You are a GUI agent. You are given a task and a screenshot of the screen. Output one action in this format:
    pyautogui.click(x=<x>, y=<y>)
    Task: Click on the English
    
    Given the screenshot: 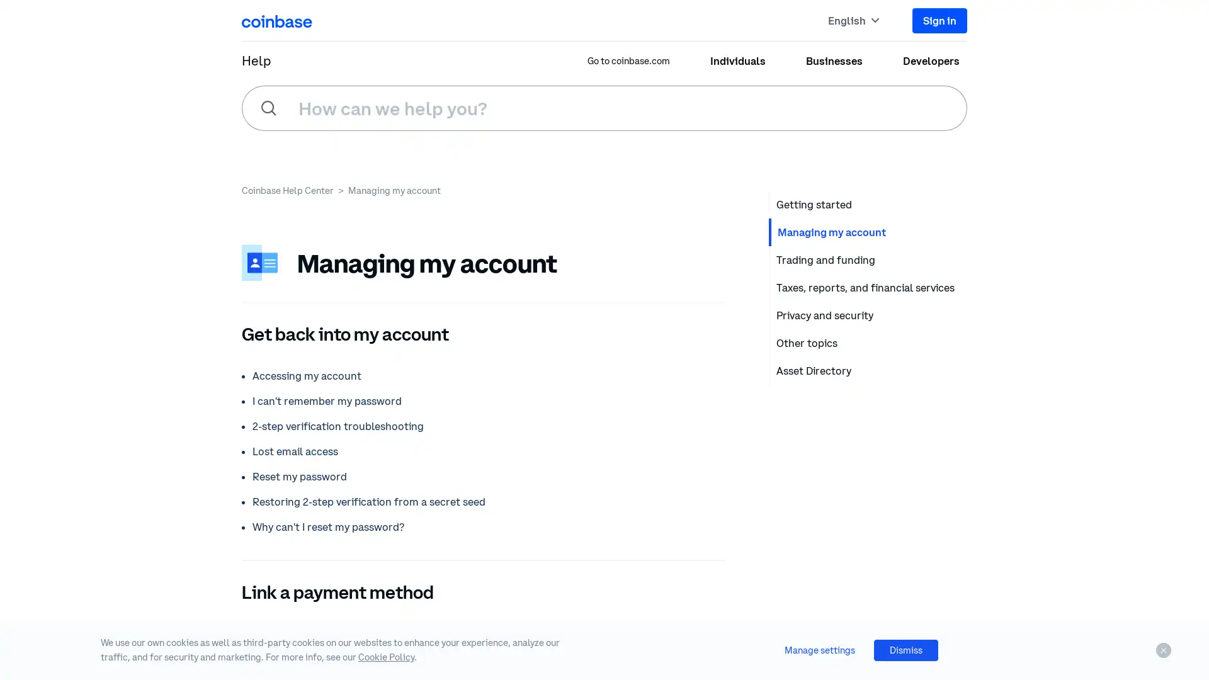 What is the action you would take?
    pyautogui.click(x=854, y=20)
    